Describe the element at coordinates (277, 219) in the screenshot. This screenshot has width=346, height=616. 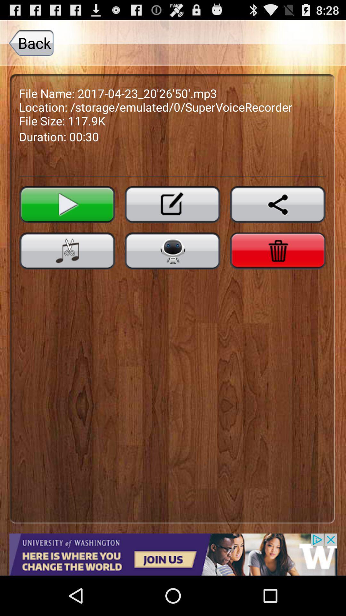
I see `the arrow_backward icon` at that location.